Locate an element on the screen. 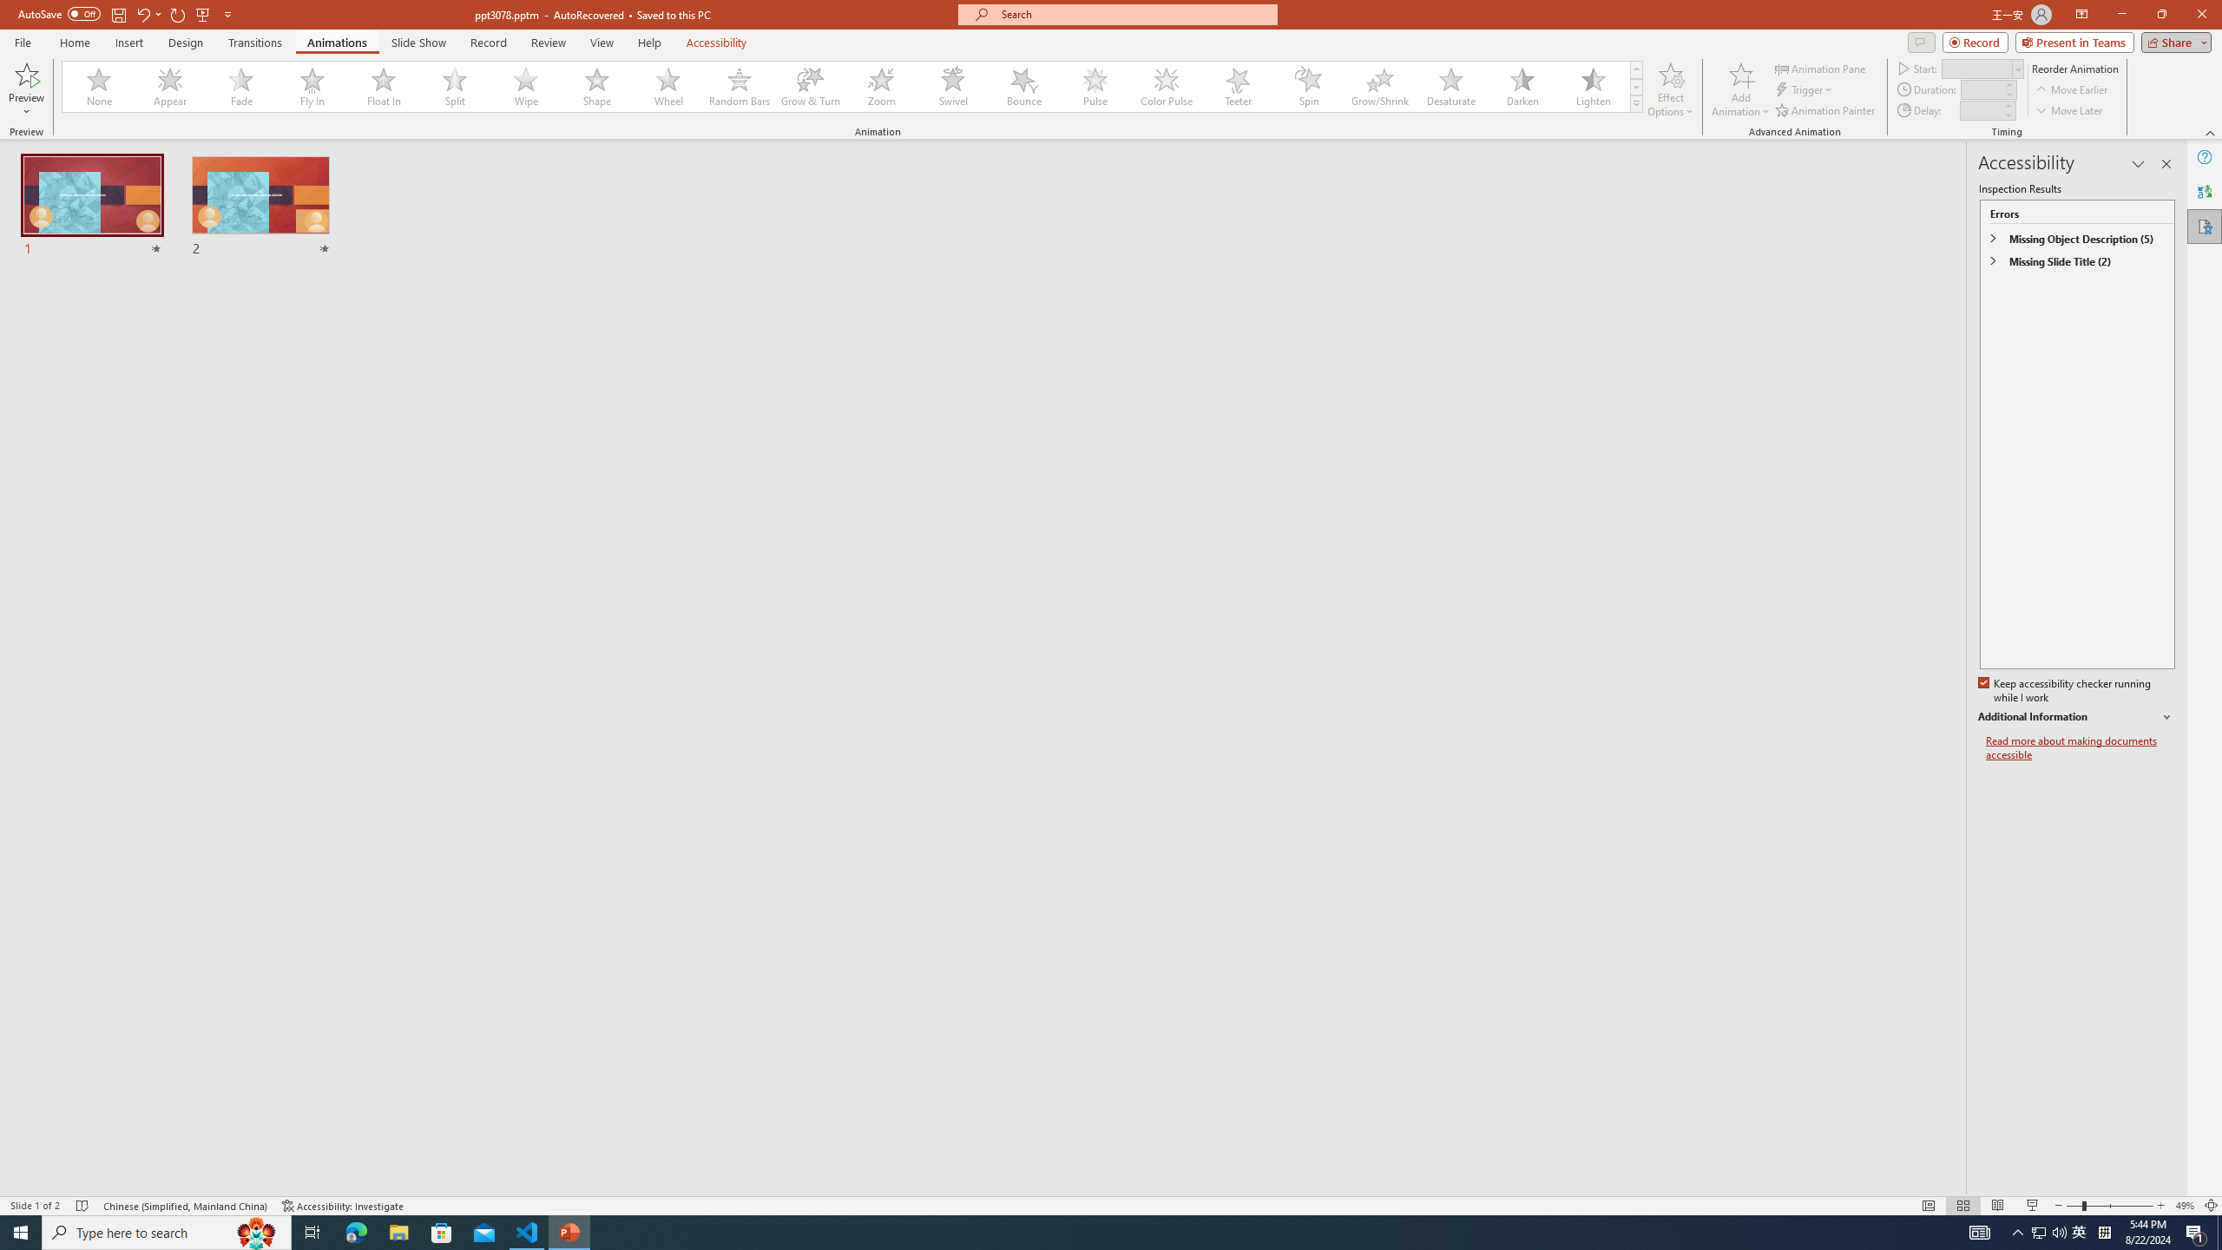 This screenshot has height=1250, width=2222. 'Color Pulse' is located at coordinates (1167, 86).